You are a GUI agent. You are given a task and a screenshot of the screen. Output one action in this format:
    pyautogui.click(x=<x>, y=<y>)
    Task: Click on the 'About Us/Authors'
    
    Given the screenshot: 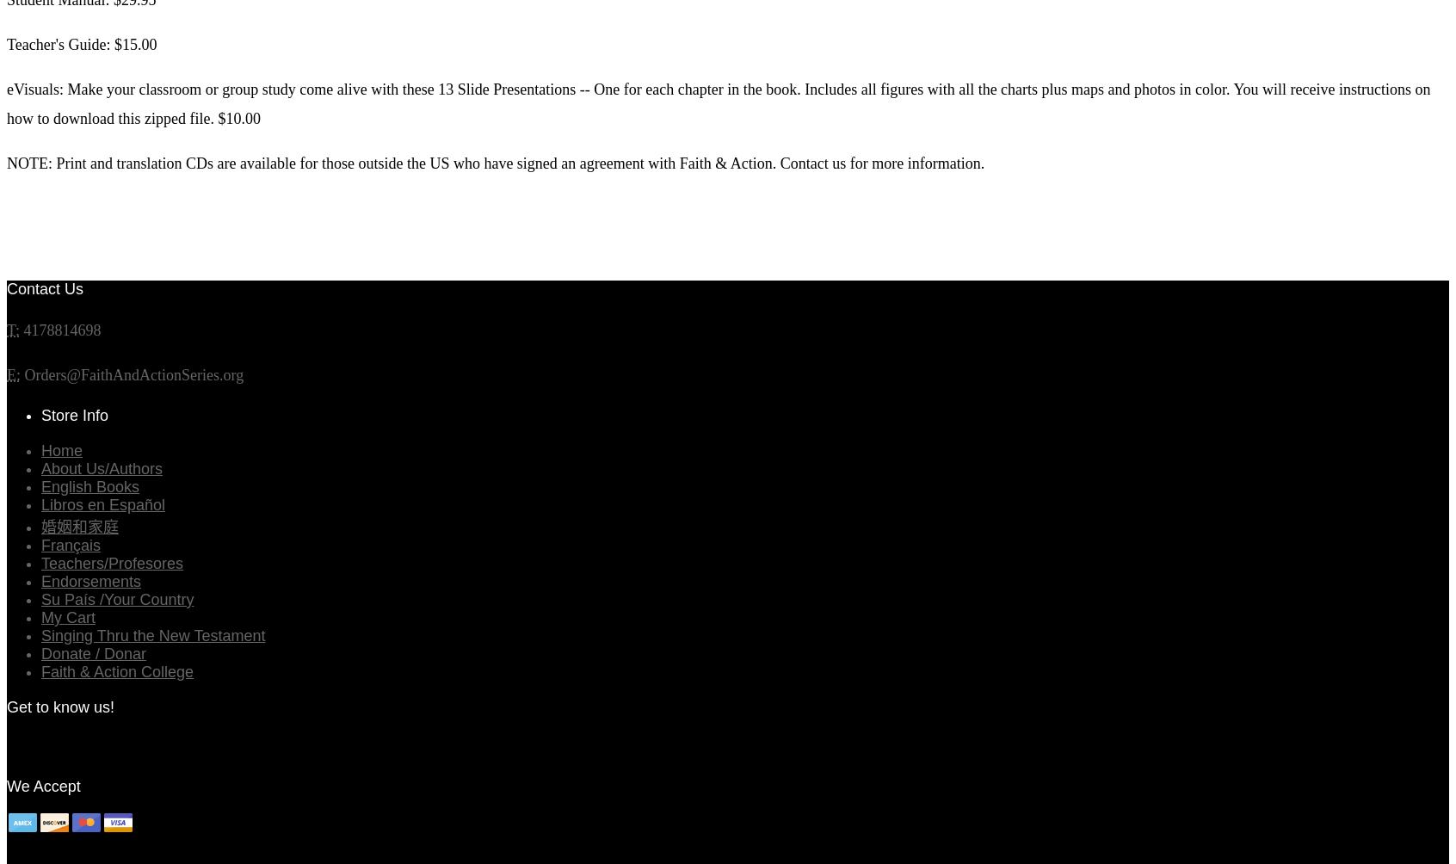 What is the action you would take?
    pyautogui.click(x=102, y=467)
    